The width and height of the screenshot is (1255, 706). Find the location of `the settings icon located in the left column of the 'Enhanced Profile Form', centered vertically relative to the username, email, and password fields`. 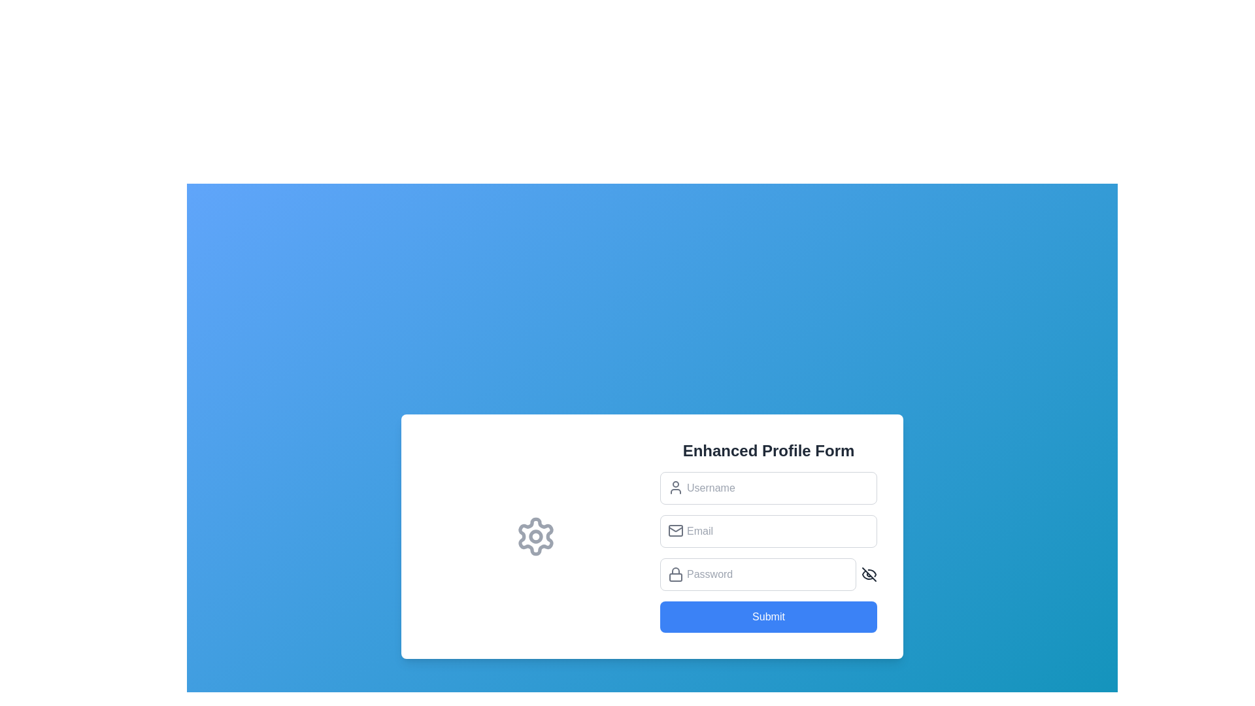

the settings icon located in the left column of the 'Enhanced Profile Form', centered vertically relative to the username, email, and password fields is located at coordinates (536, 537).